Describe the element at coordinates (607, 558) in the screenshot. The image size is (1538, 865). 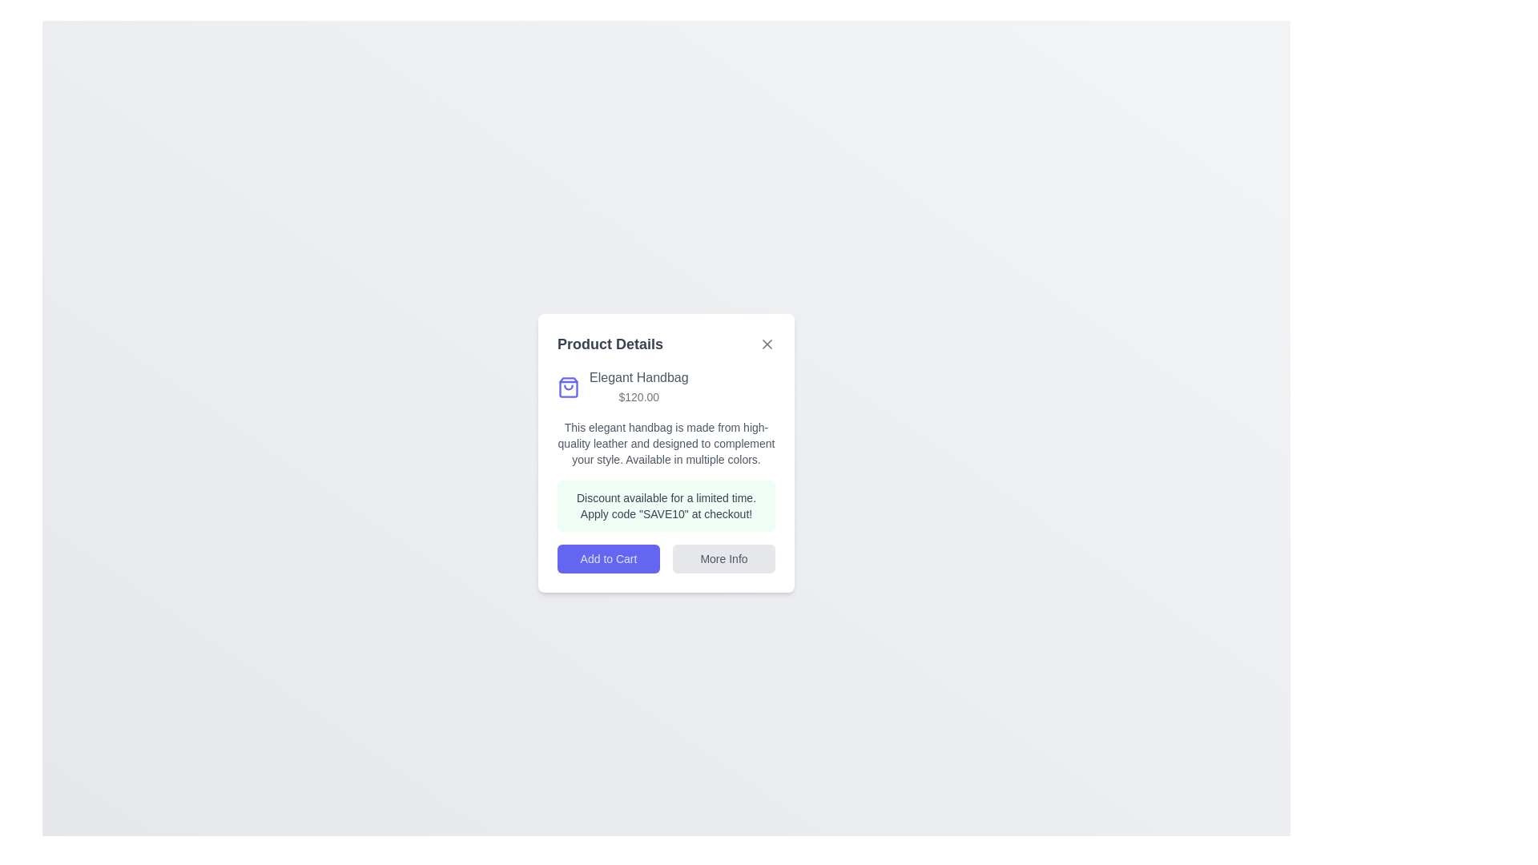
I see `the 'Add to Cart' button located at the bottom of the modal card, which is centered in the viewport and positioned to the left of the 'More Info' button` at that location.